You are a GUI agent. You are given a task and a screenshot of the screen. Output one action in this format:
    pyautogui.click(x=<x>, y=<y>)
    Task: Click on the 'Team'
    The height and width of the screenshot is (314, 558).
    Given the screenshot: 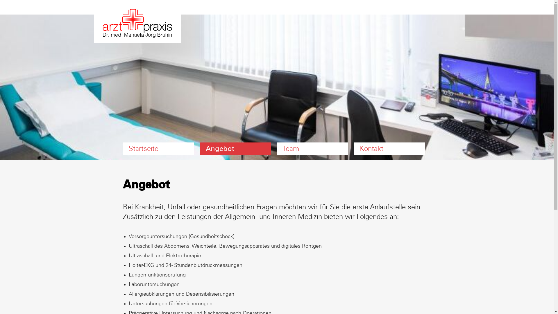 What is the action you would take?
    pyautogui.click(x=312, y=149)
    